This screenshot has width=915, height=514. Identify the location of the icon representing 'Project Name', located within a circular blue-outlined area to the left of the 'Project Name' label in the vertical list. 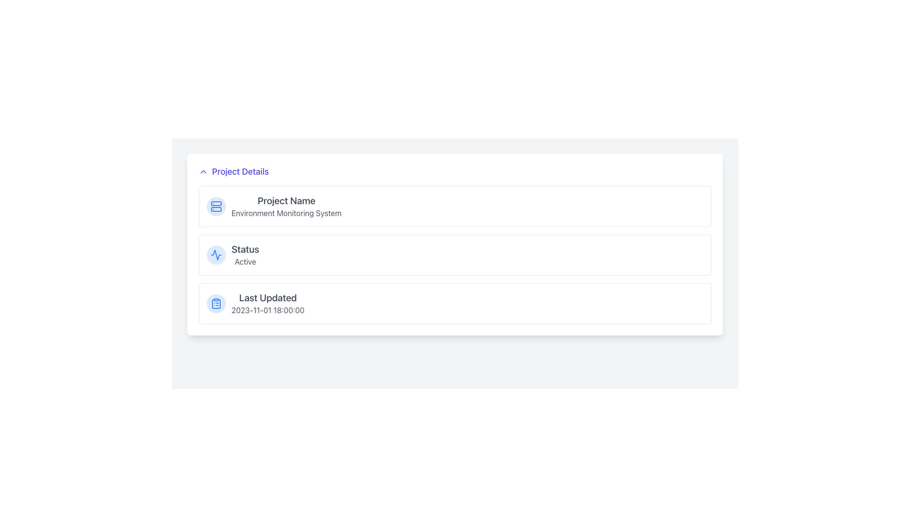
(216, 206).